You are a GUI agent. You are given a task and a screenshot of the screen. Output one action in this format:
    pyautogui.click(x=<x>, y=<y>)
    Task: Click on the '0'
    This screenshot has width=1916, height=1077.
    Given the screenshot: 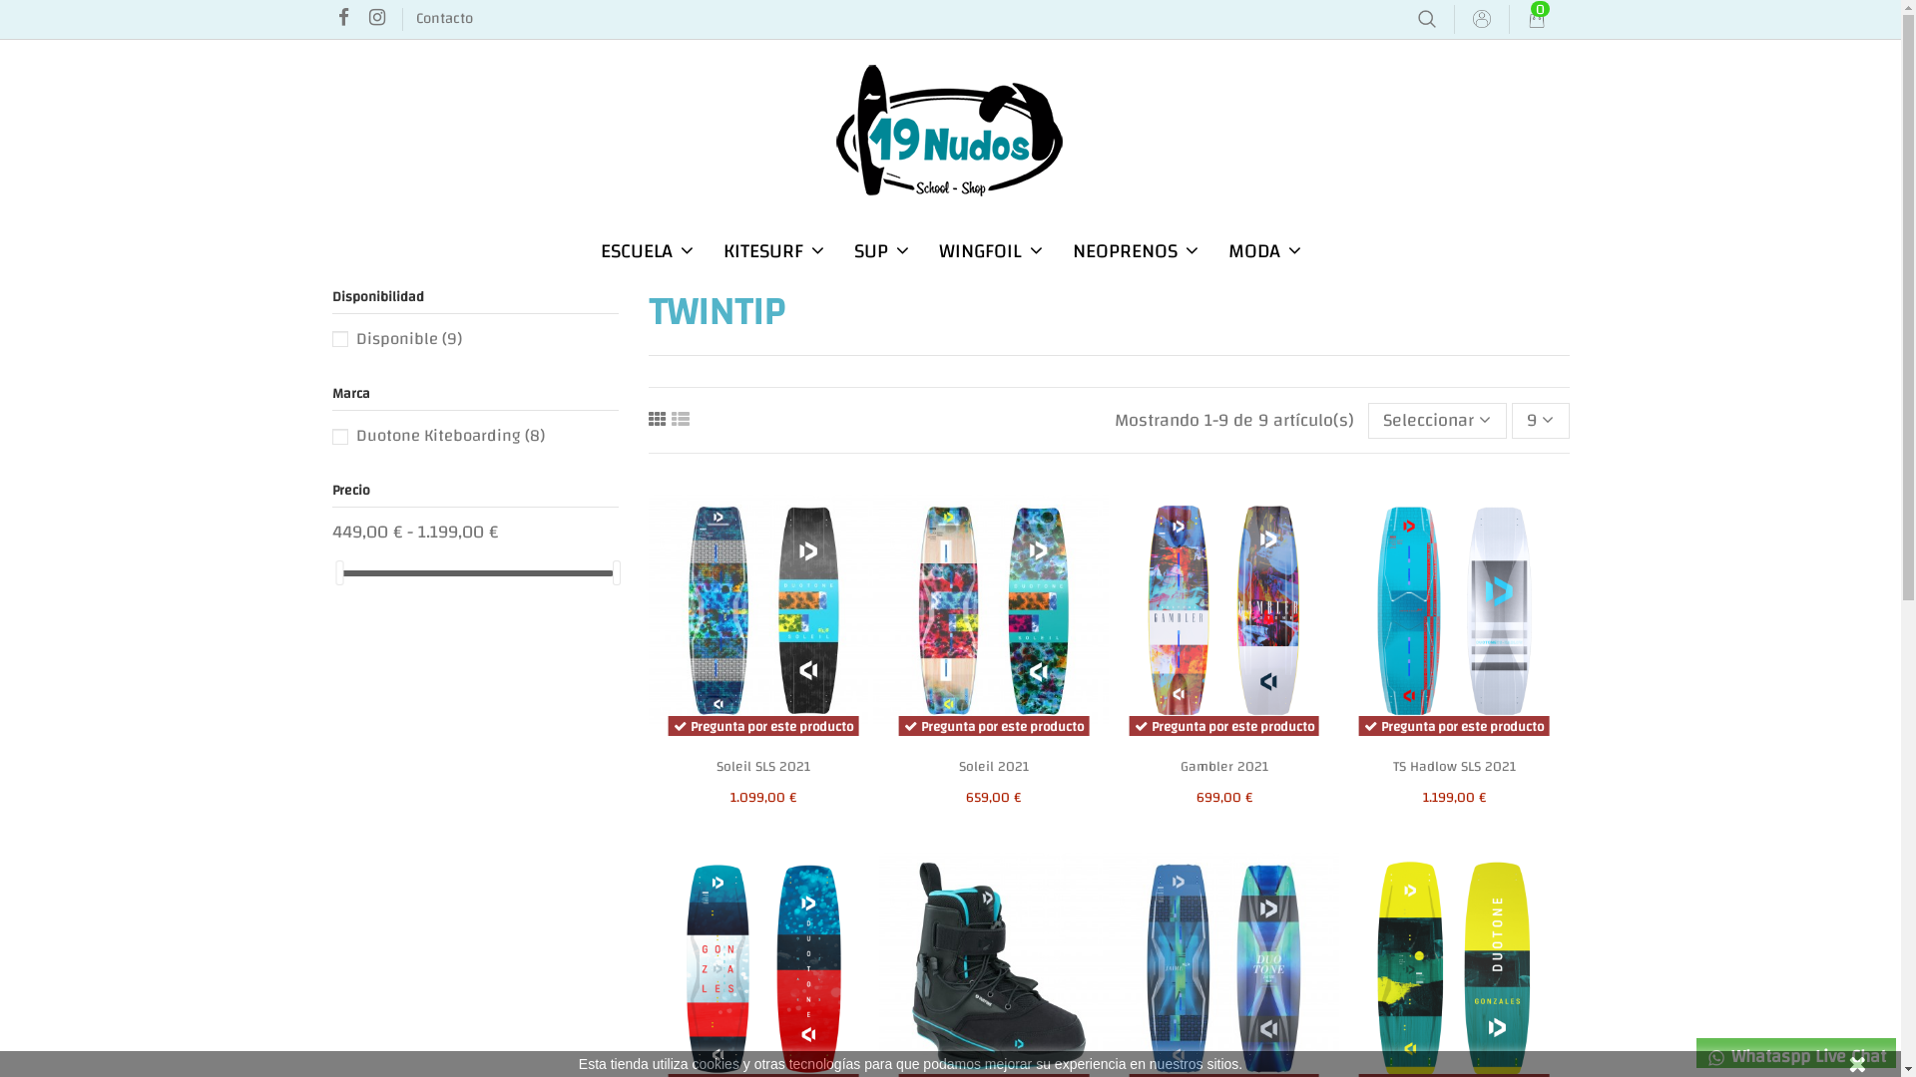 What is the action you would take?
    pyautogui.click(x=1535, y=19)
    